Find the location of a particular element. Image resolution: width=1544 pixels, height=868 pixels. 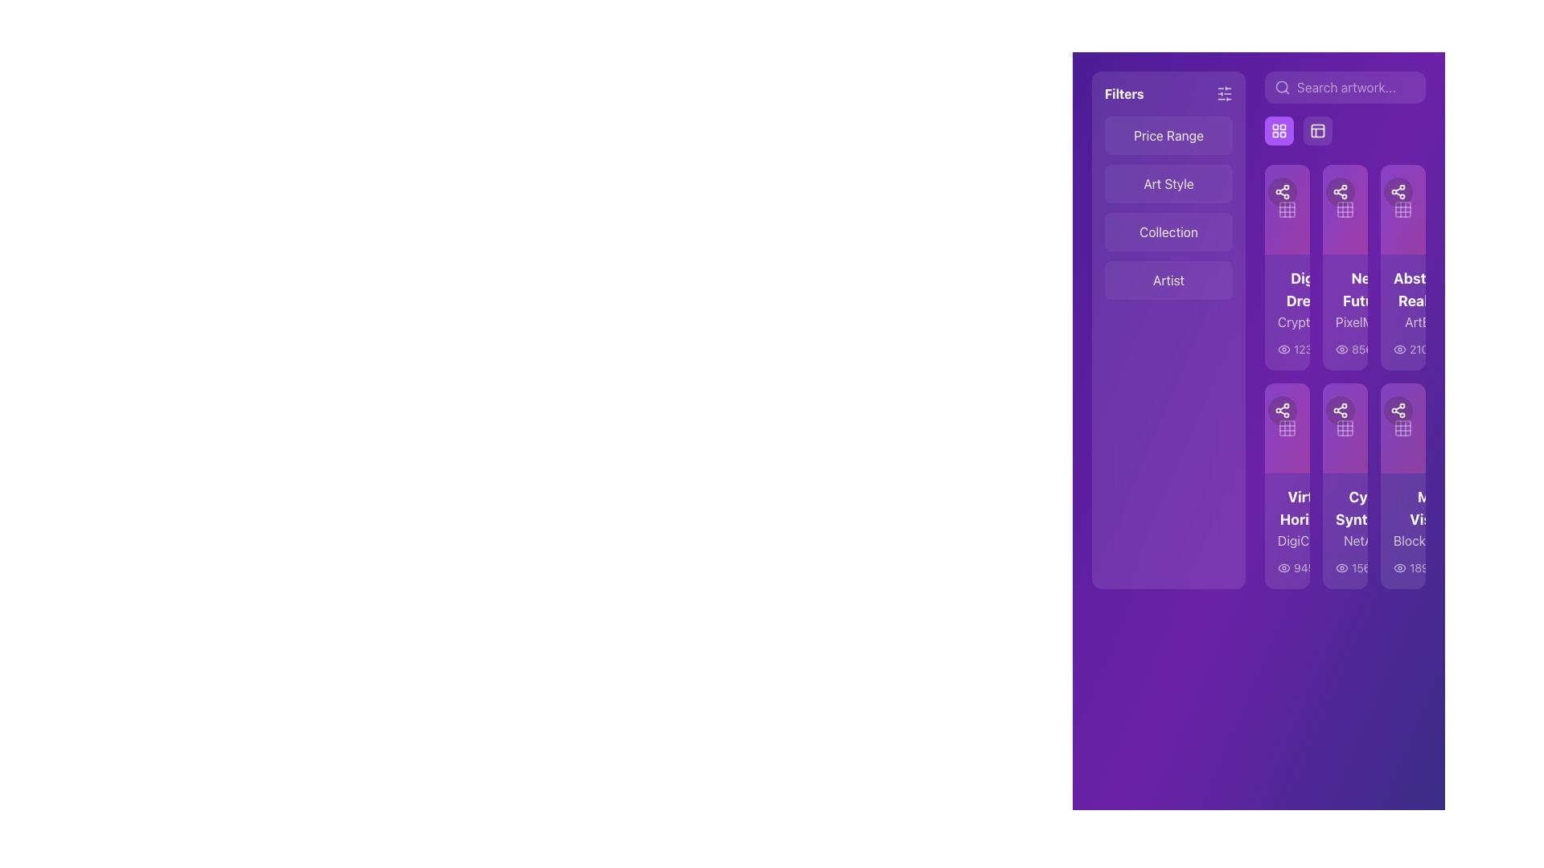

the numeric indicator displaying a view count, located in the middle-right section of the interface, adjacent to the eye icon is located at coordinates (1361, 349).